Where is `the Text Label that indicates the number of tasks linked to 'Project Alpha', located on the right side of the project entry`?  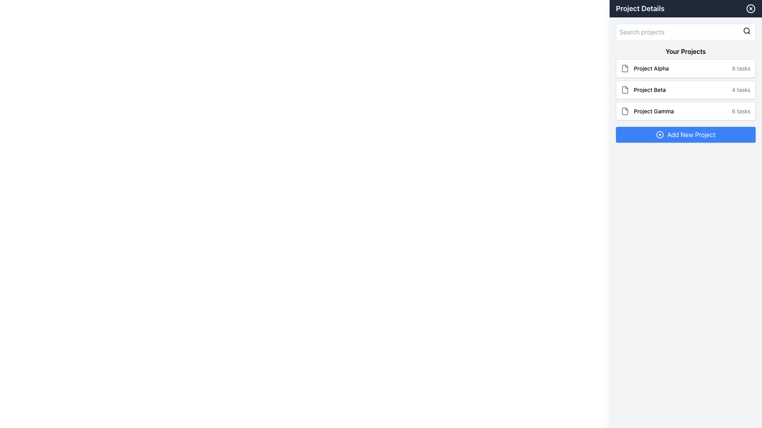 the Text Label that indicates the number of tasks linked to 'Project Alpha', located on the right side of the project entry is located at coordinates (741, 68).